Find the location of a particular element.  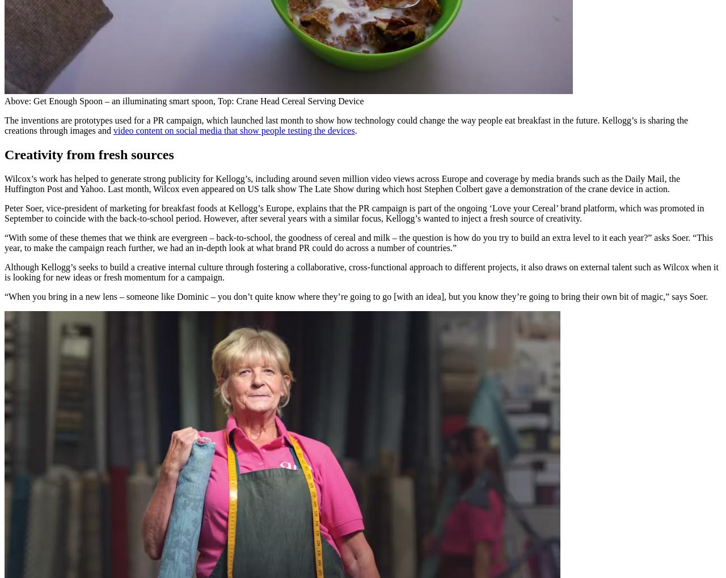

'“With some of these themes that we think are evergreen – back-to-school, the goodness of cereal and milk – the question is how do you try to build an extra level to it each year?” asks Soer. “This year, to make the campaign reach further, we had an in-depth look at what brand PR could do across a number of countries.”' is located at coordinates (357, 241).